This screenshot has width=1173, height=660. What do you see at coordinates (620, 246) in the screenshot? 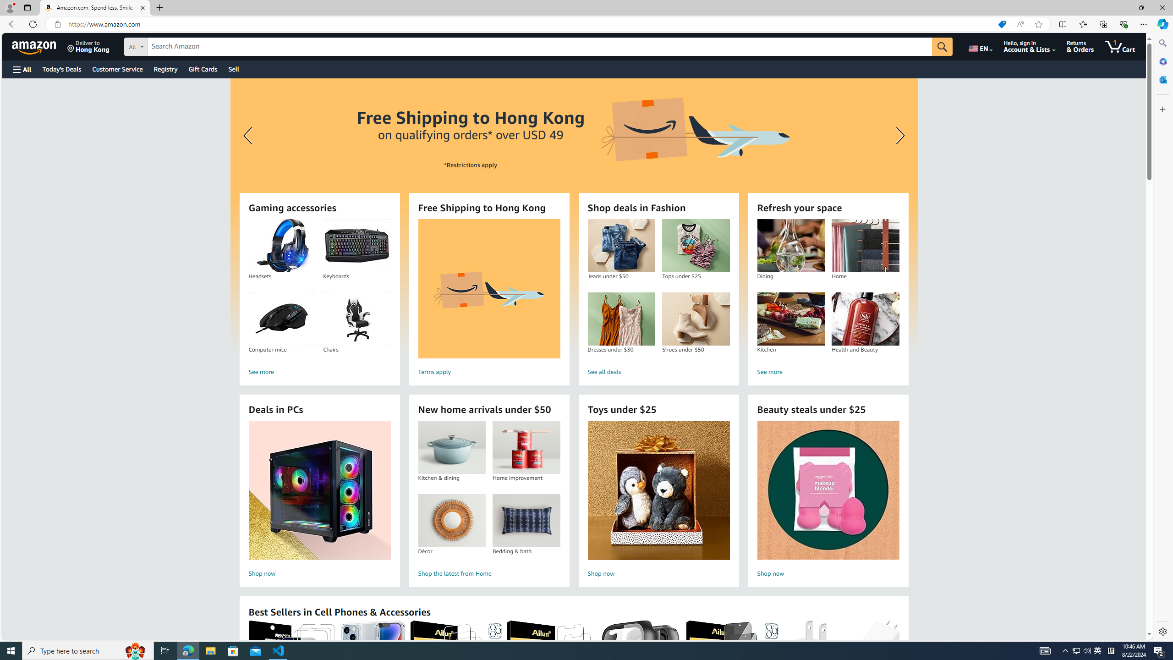
I see `'Jeans under $50'` at bounding box center [620, 246].